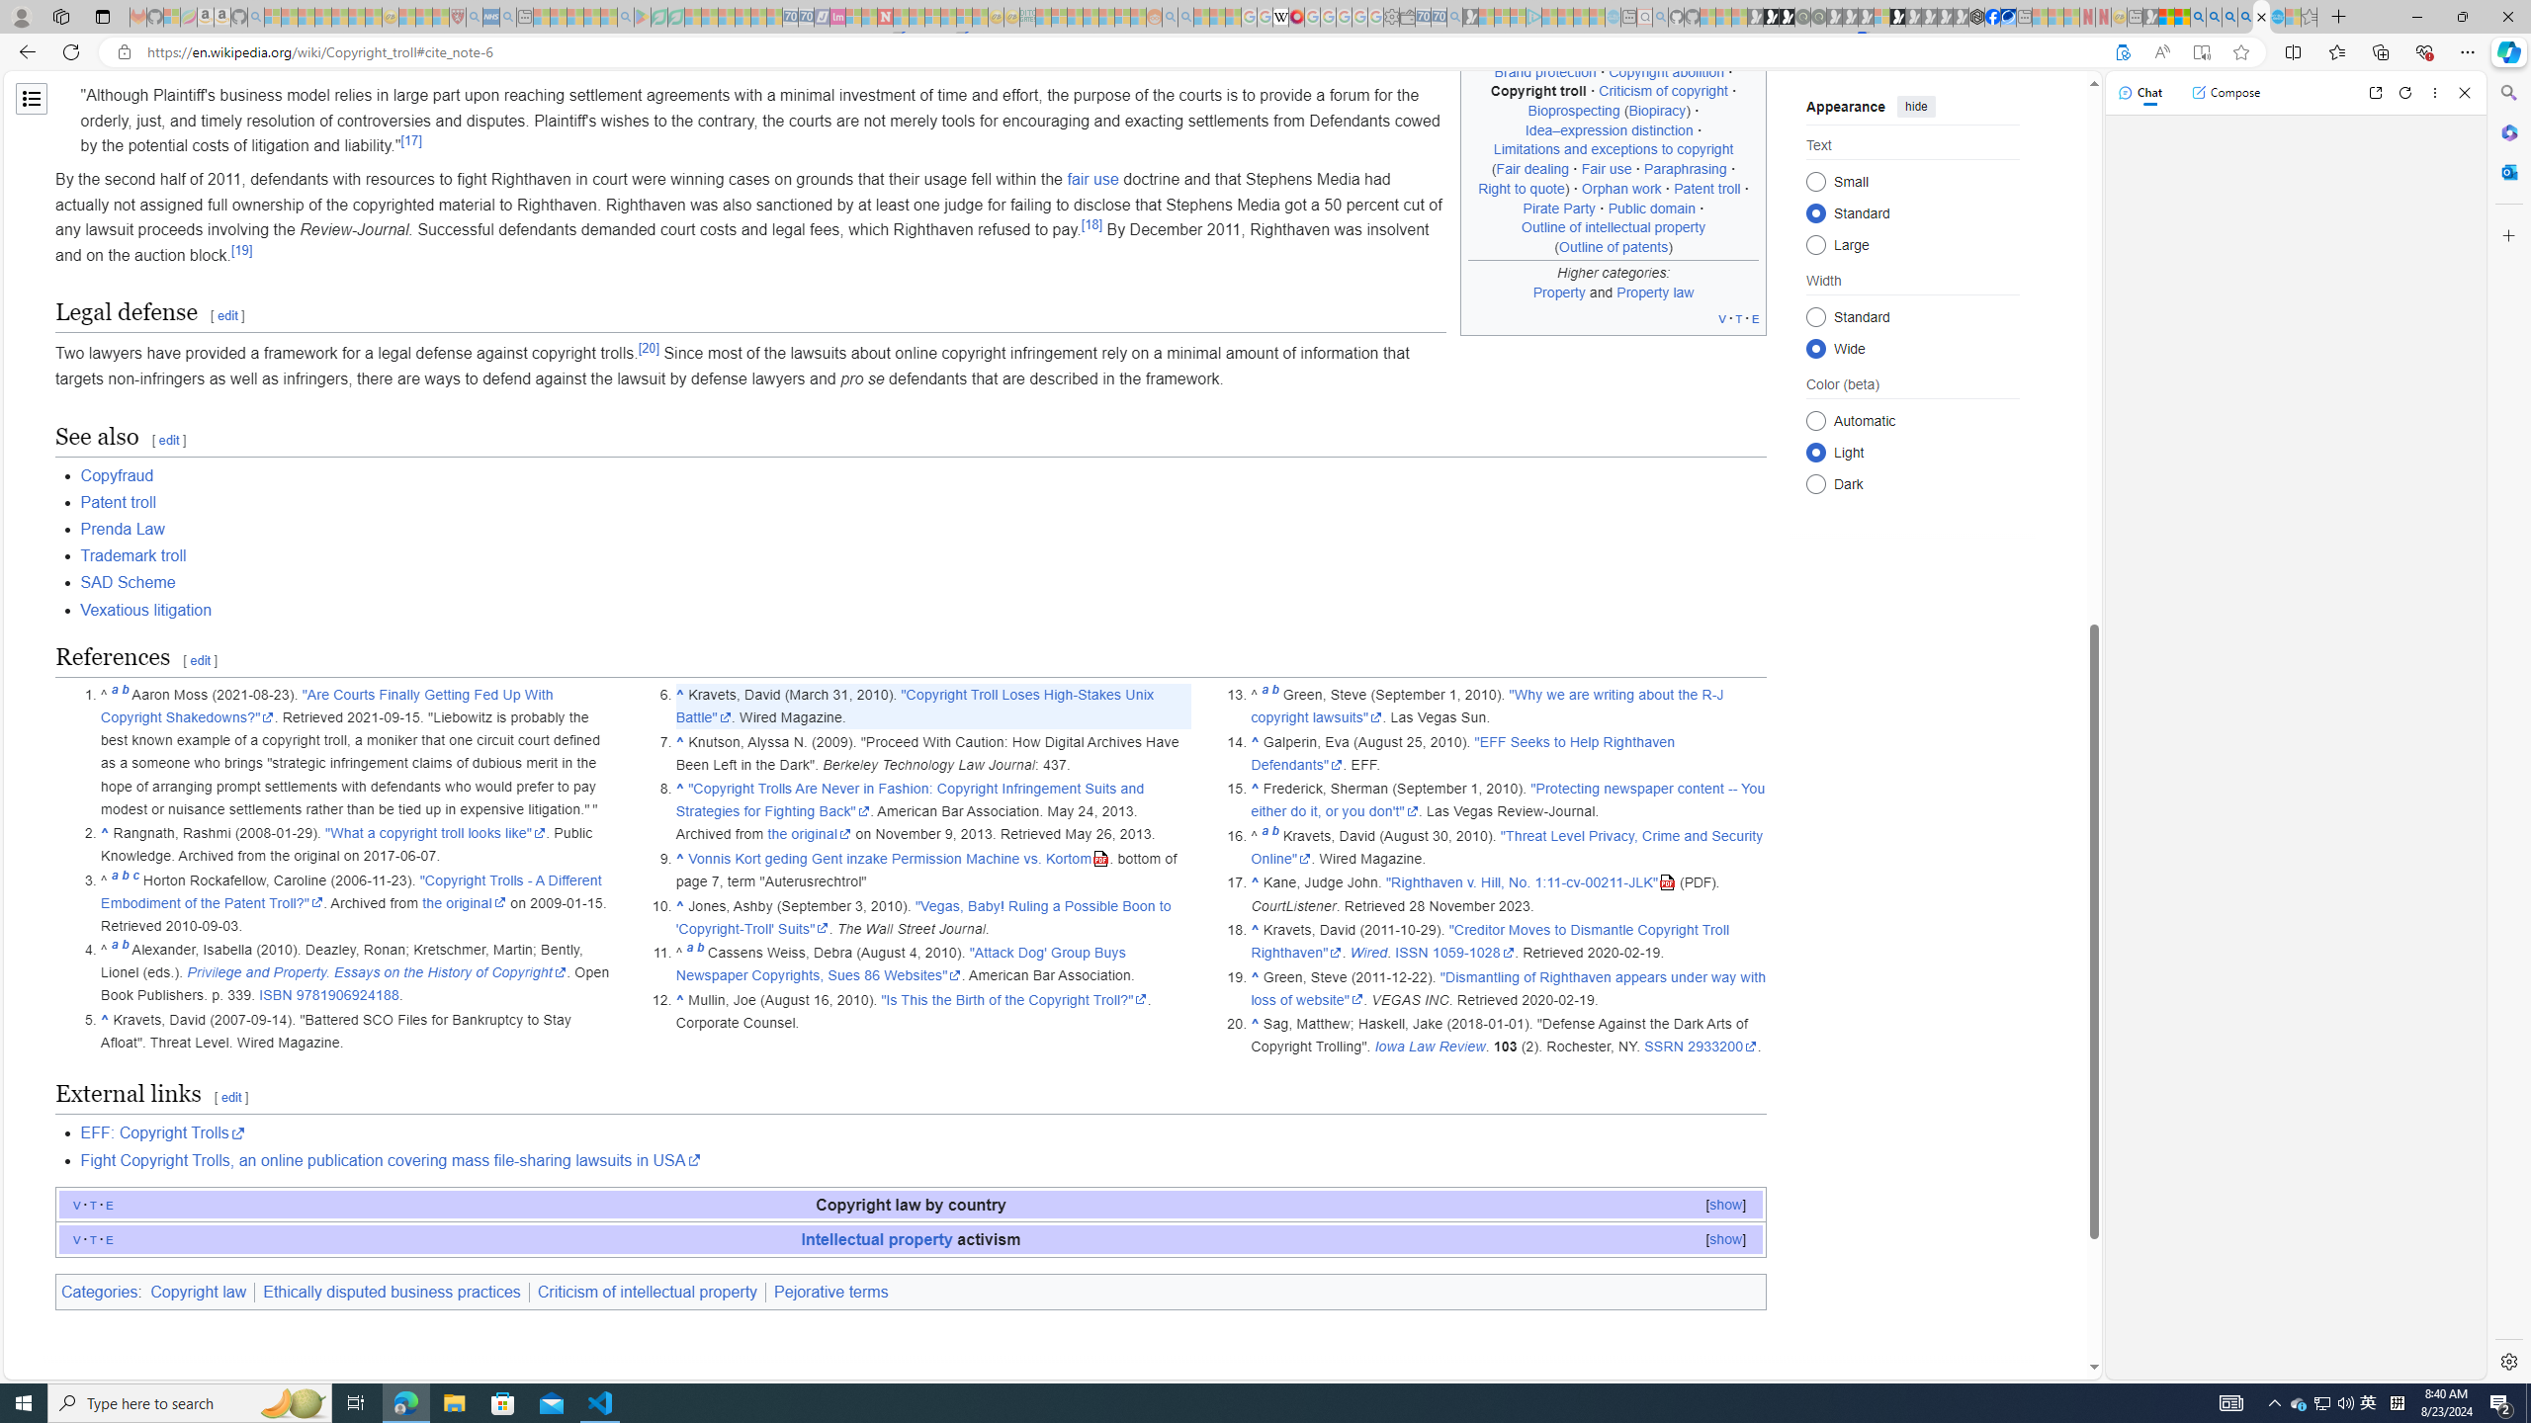 This screenshot has width=2531, height=1423. I want to click on 'MediaWiki', so click(1297, 16).